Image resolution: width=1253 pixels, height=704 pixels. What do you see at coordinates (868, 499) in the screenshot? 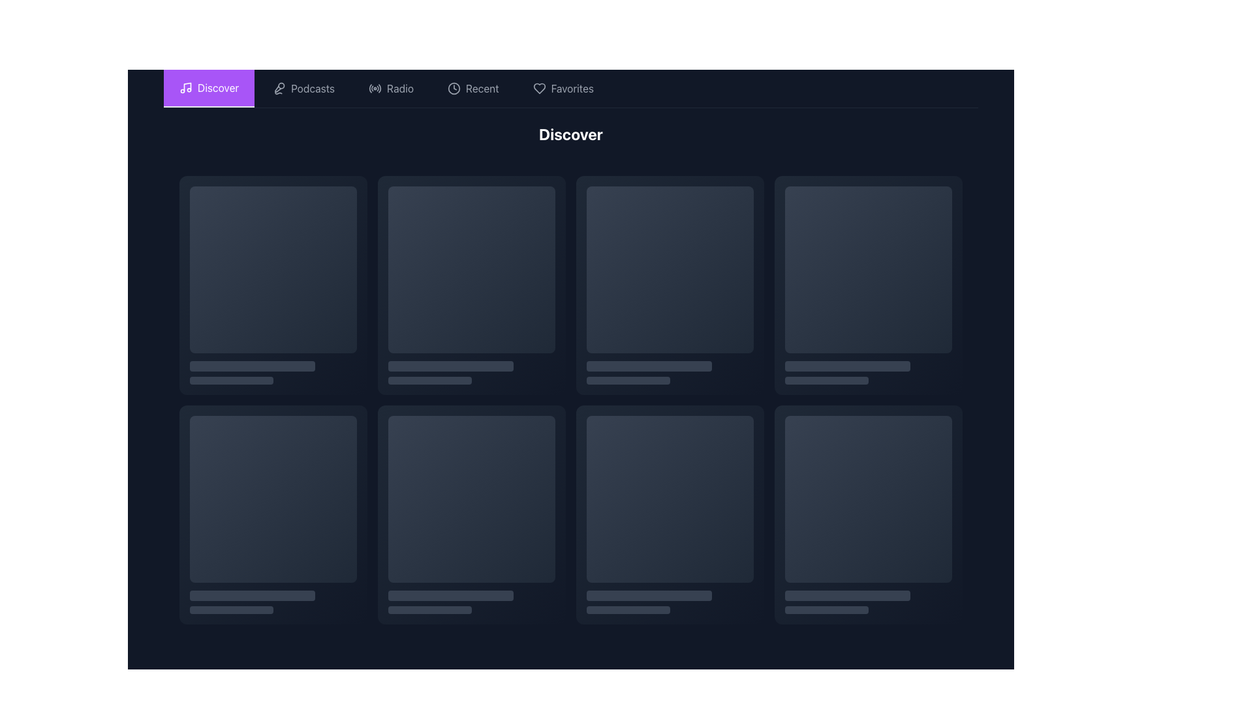
I see `the visual placeholder, which is a square element with rounded corners and a gradient background located in the bottom-right corner of the grid layout` at bounding box center [868, 499].